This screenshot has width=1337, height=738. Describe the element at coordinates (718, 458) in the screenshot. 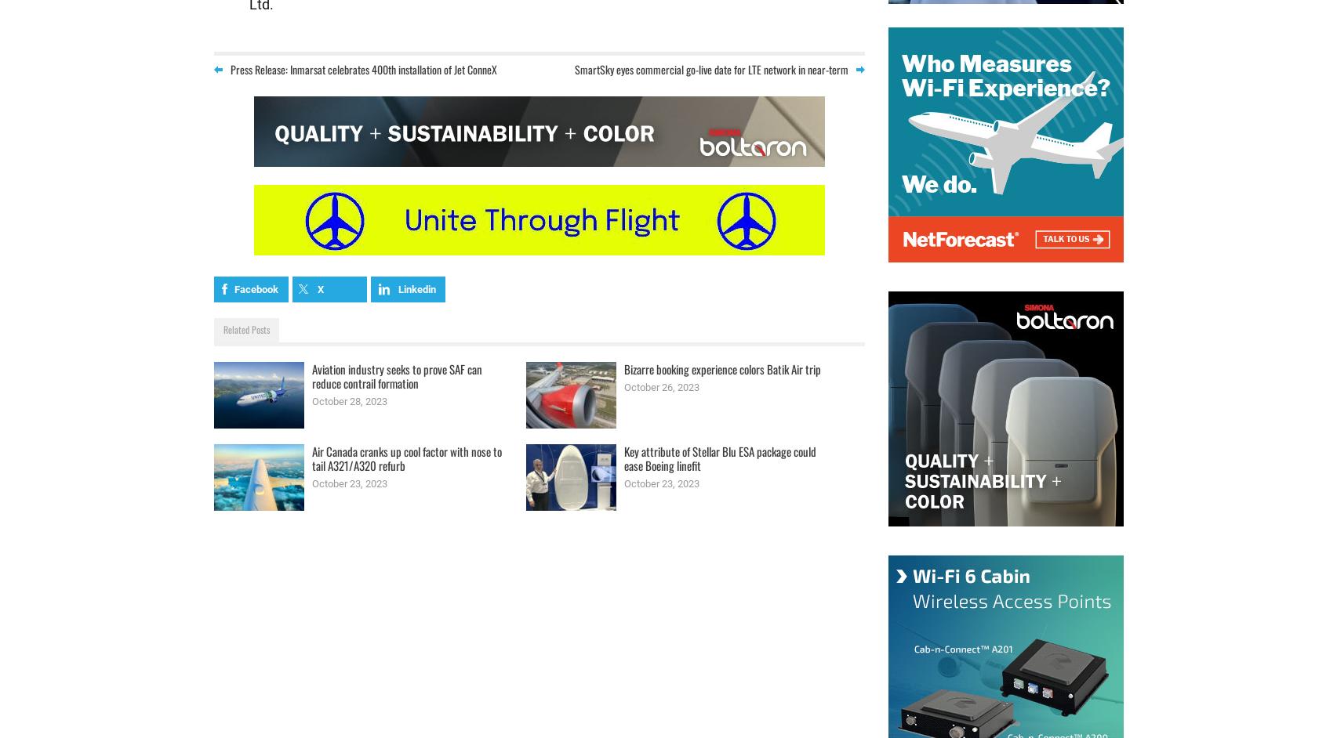

I see `'Key attribute of Stellar Blu ESA package could ease Boeing linefit'` at that location.